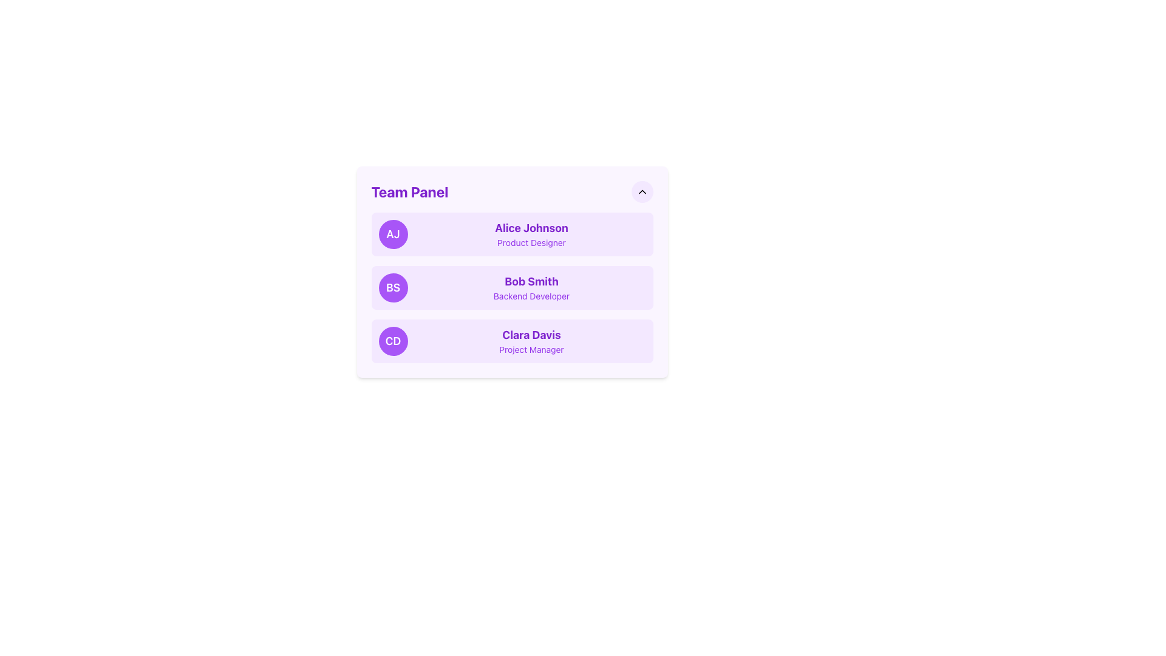 This screenshot has width=1166, height=656. What do you see at coordinates (531, 335) in the screenshot?
I see `the text label displaying the name of an individual in the 'Team Panel'` at bounding box center [531, 335].